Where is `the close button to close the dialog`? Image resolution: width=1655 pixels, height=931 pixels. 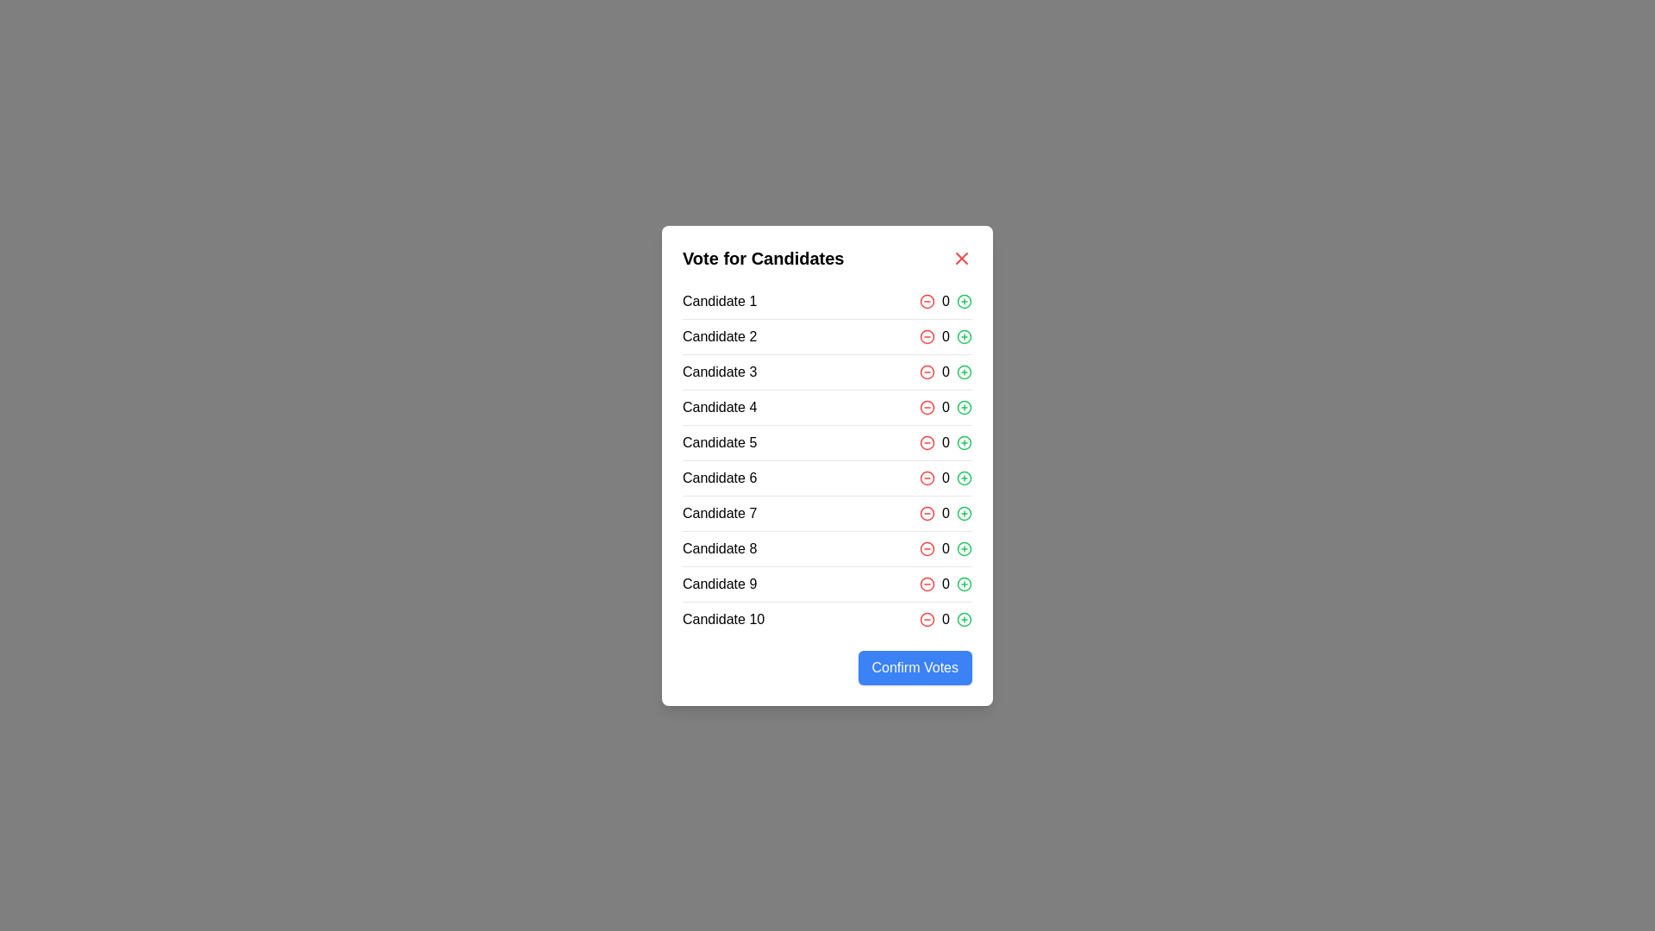 the close button to close the dialog is located at coordinates (961, 258).